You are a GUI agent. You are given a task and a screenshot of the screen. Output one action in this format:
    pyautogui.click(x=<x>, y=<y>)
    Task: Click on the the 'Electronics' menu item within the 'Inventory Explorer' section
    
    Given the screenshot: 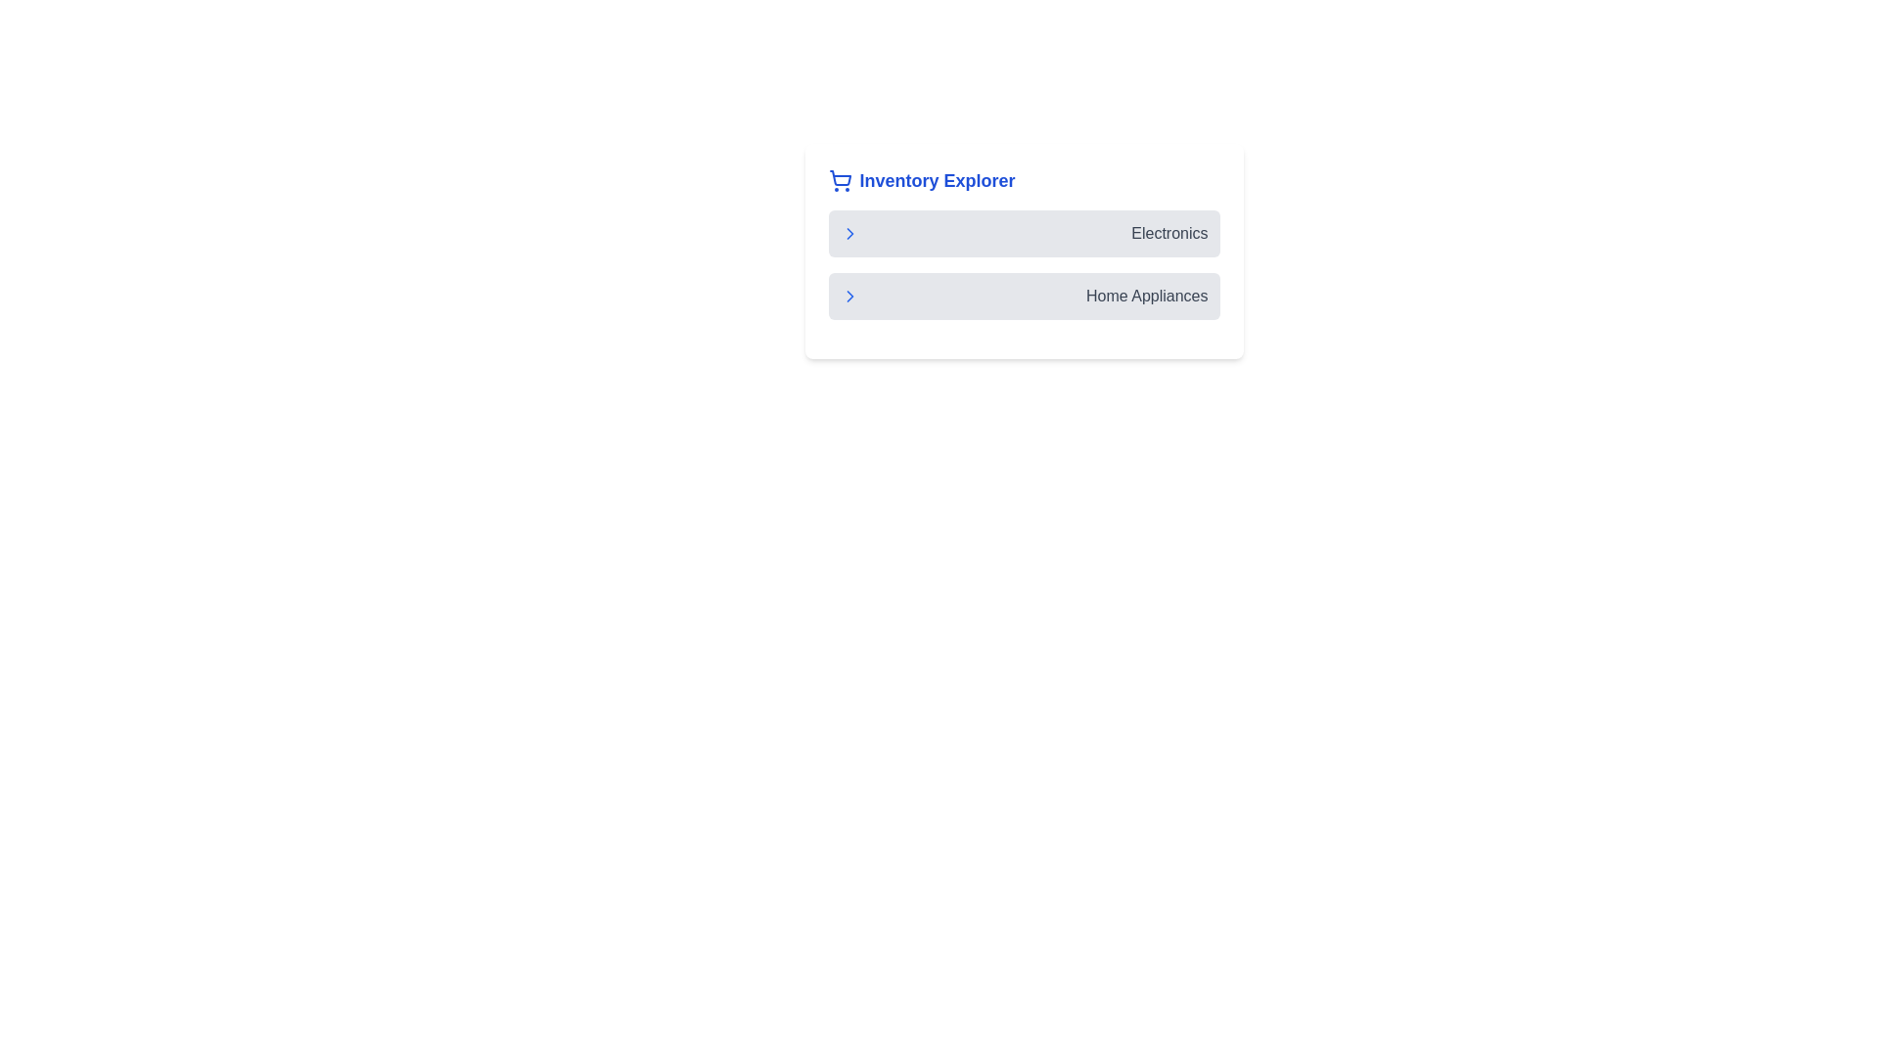 What is the action you would take?
    pyautogui.click(x=1023, y=251)
    